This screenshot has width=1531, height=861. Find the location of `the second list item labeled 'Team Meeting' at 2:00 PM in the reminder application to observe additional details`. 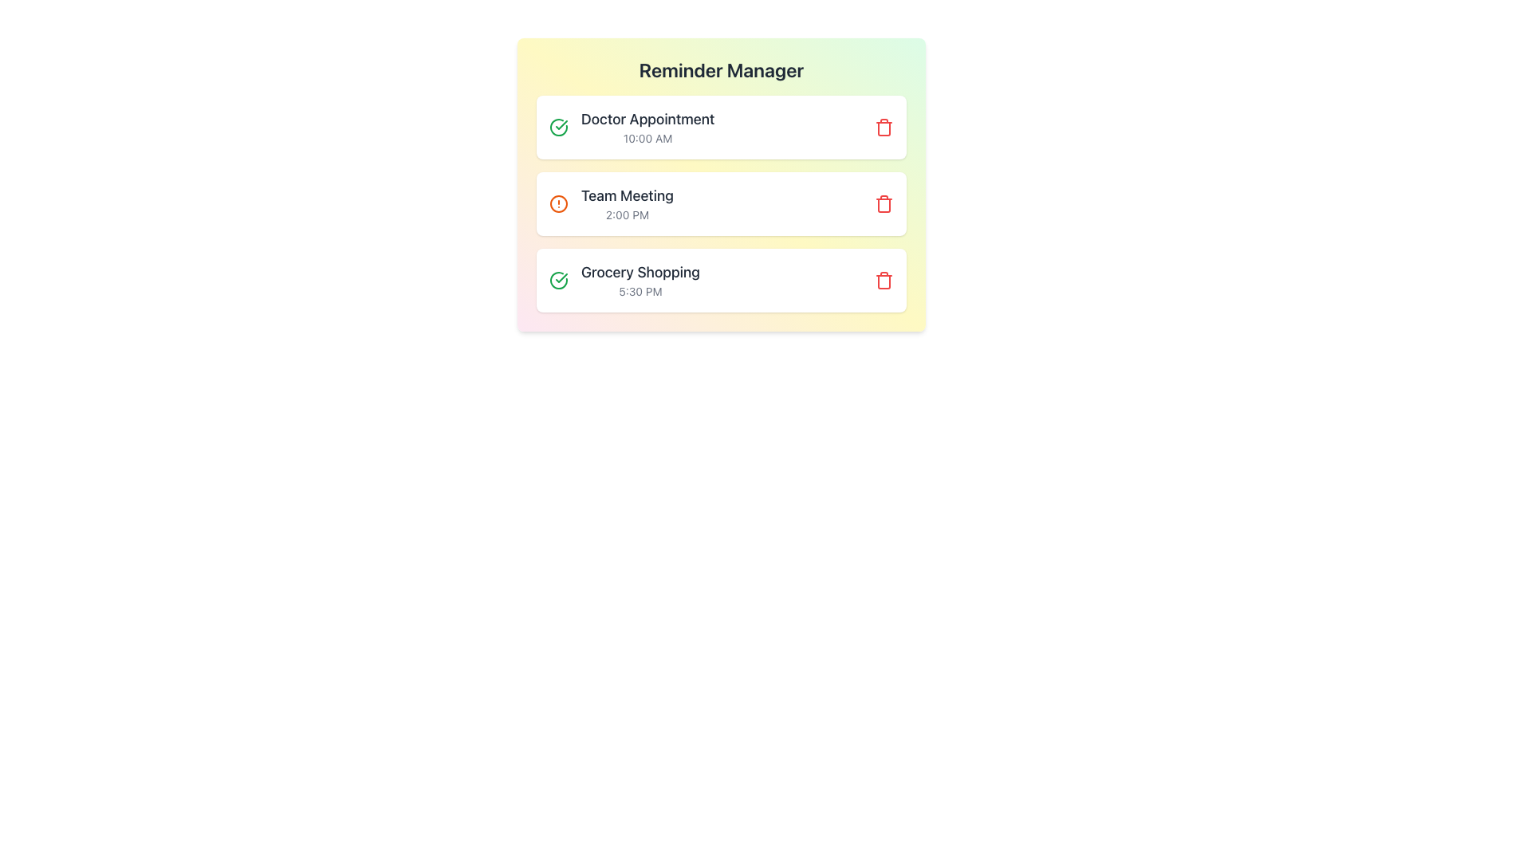

the second list item labeled 'Team Meeting' at 2:00 PM in the reminder application to observe additional details is located at coordinates (611, 202).